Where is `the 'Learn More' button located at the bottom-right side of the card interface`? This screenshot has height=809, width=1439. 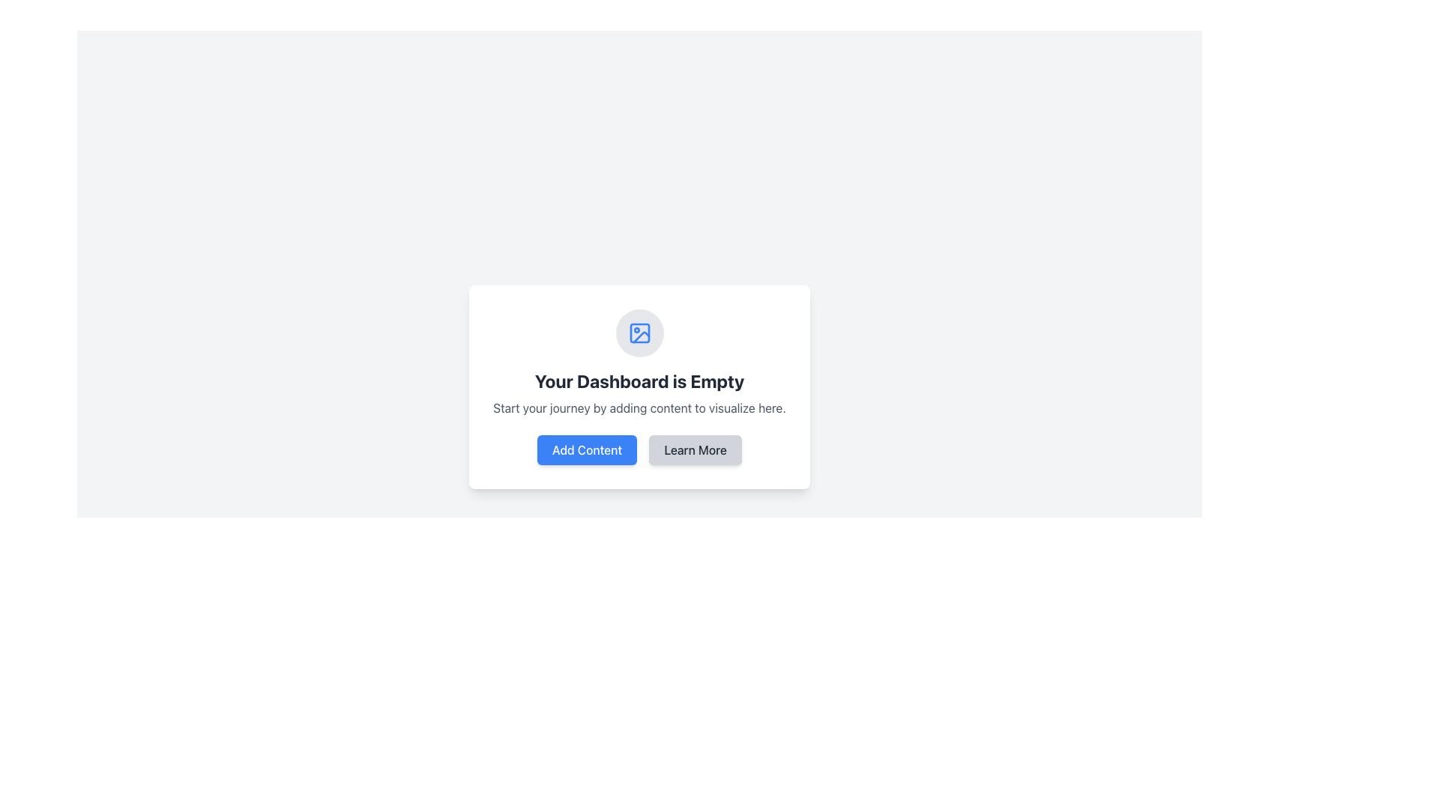 the 'Learn More' button located at the bottom-right side of the card interface is located at coordinates (695, 449).